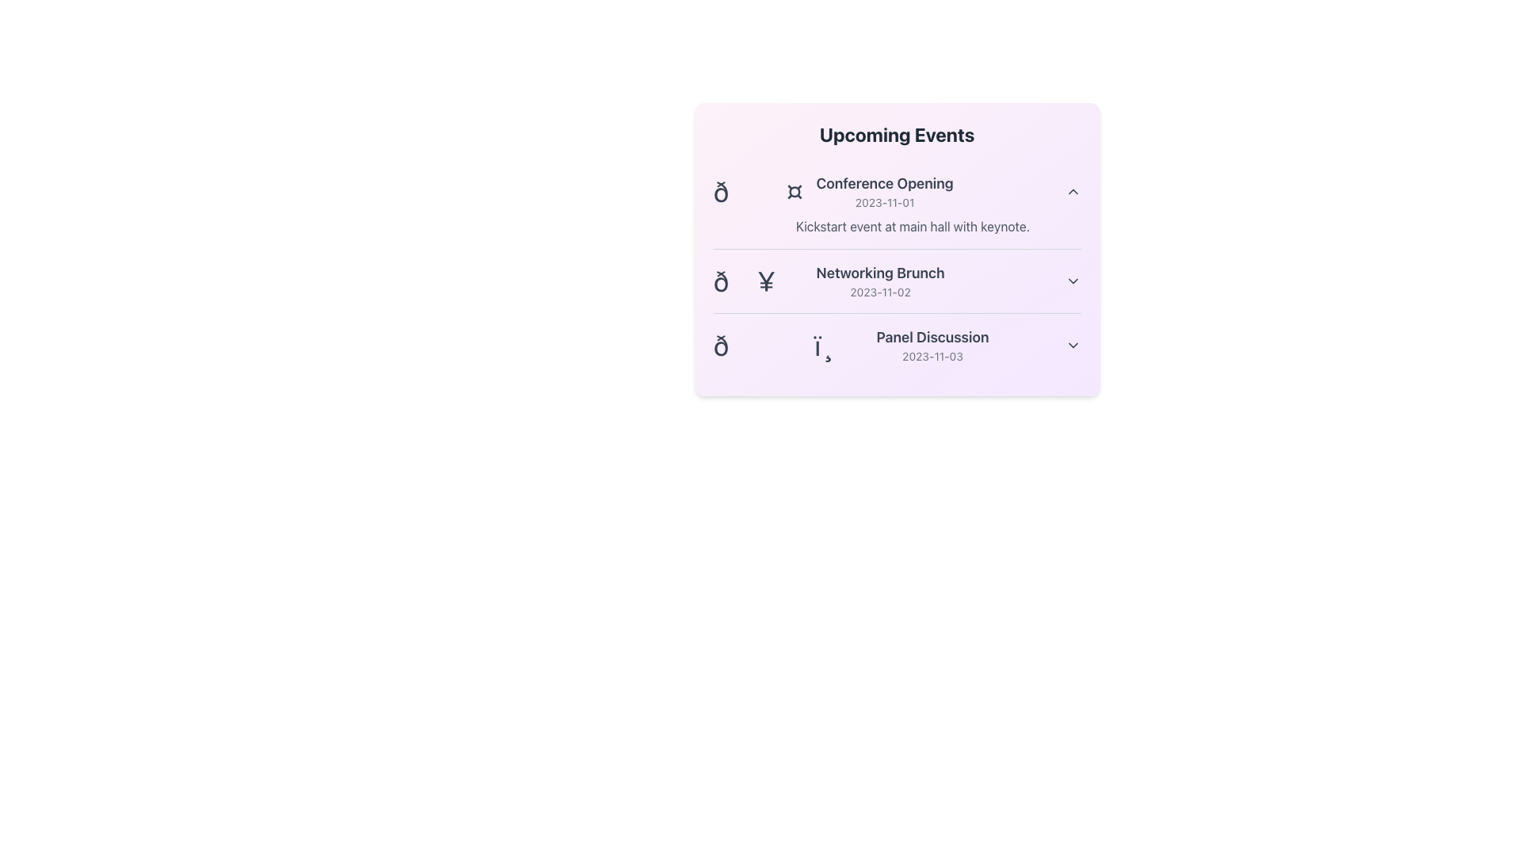  Describe the element at coordinates (884, 191) in the screenshot. I see `date of the event displayed in the composite text element titled 'Conference Opening' with the date '2023-11-01' located in the second column under 'Upcoming Events'` at that location.